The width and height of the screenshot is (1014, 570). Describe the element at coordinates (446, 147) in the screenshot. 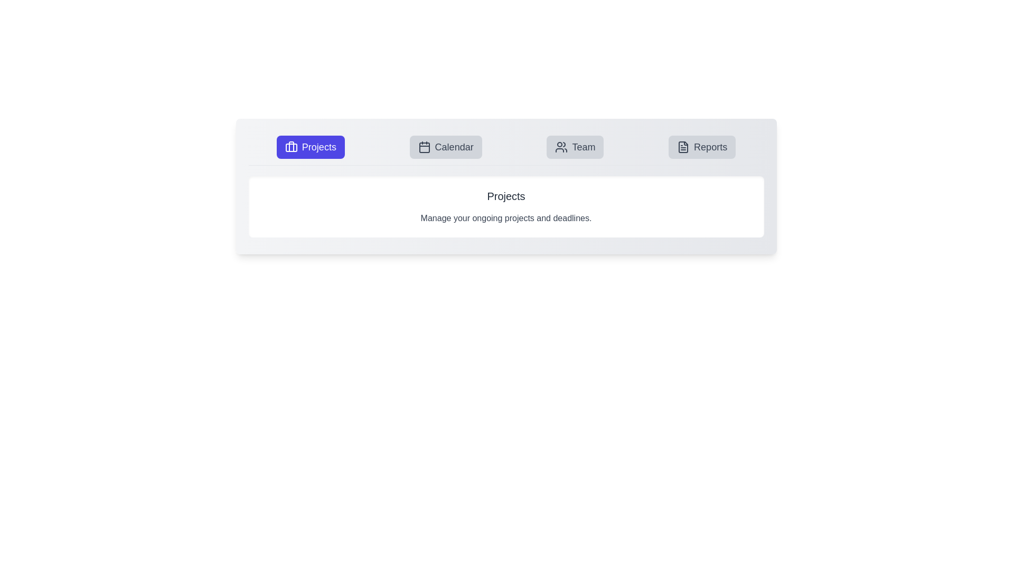

I see `the Calendar tab by clicking its button` at that location.